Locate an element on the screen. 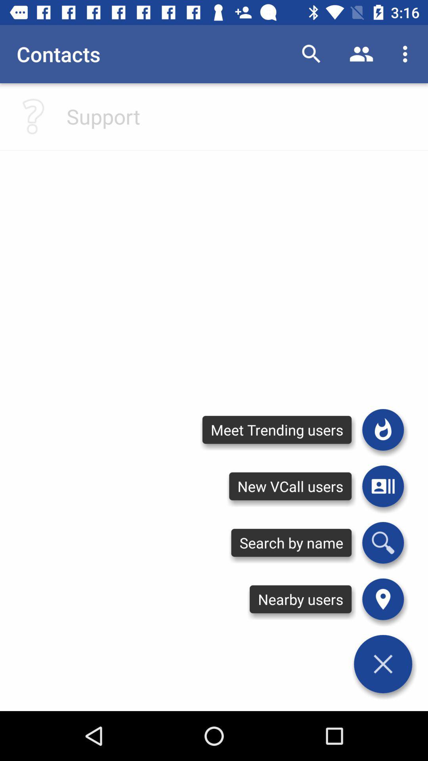 This screenshot has width=428, height=761. the meet trending users icon is located at coordinates (276, 429).